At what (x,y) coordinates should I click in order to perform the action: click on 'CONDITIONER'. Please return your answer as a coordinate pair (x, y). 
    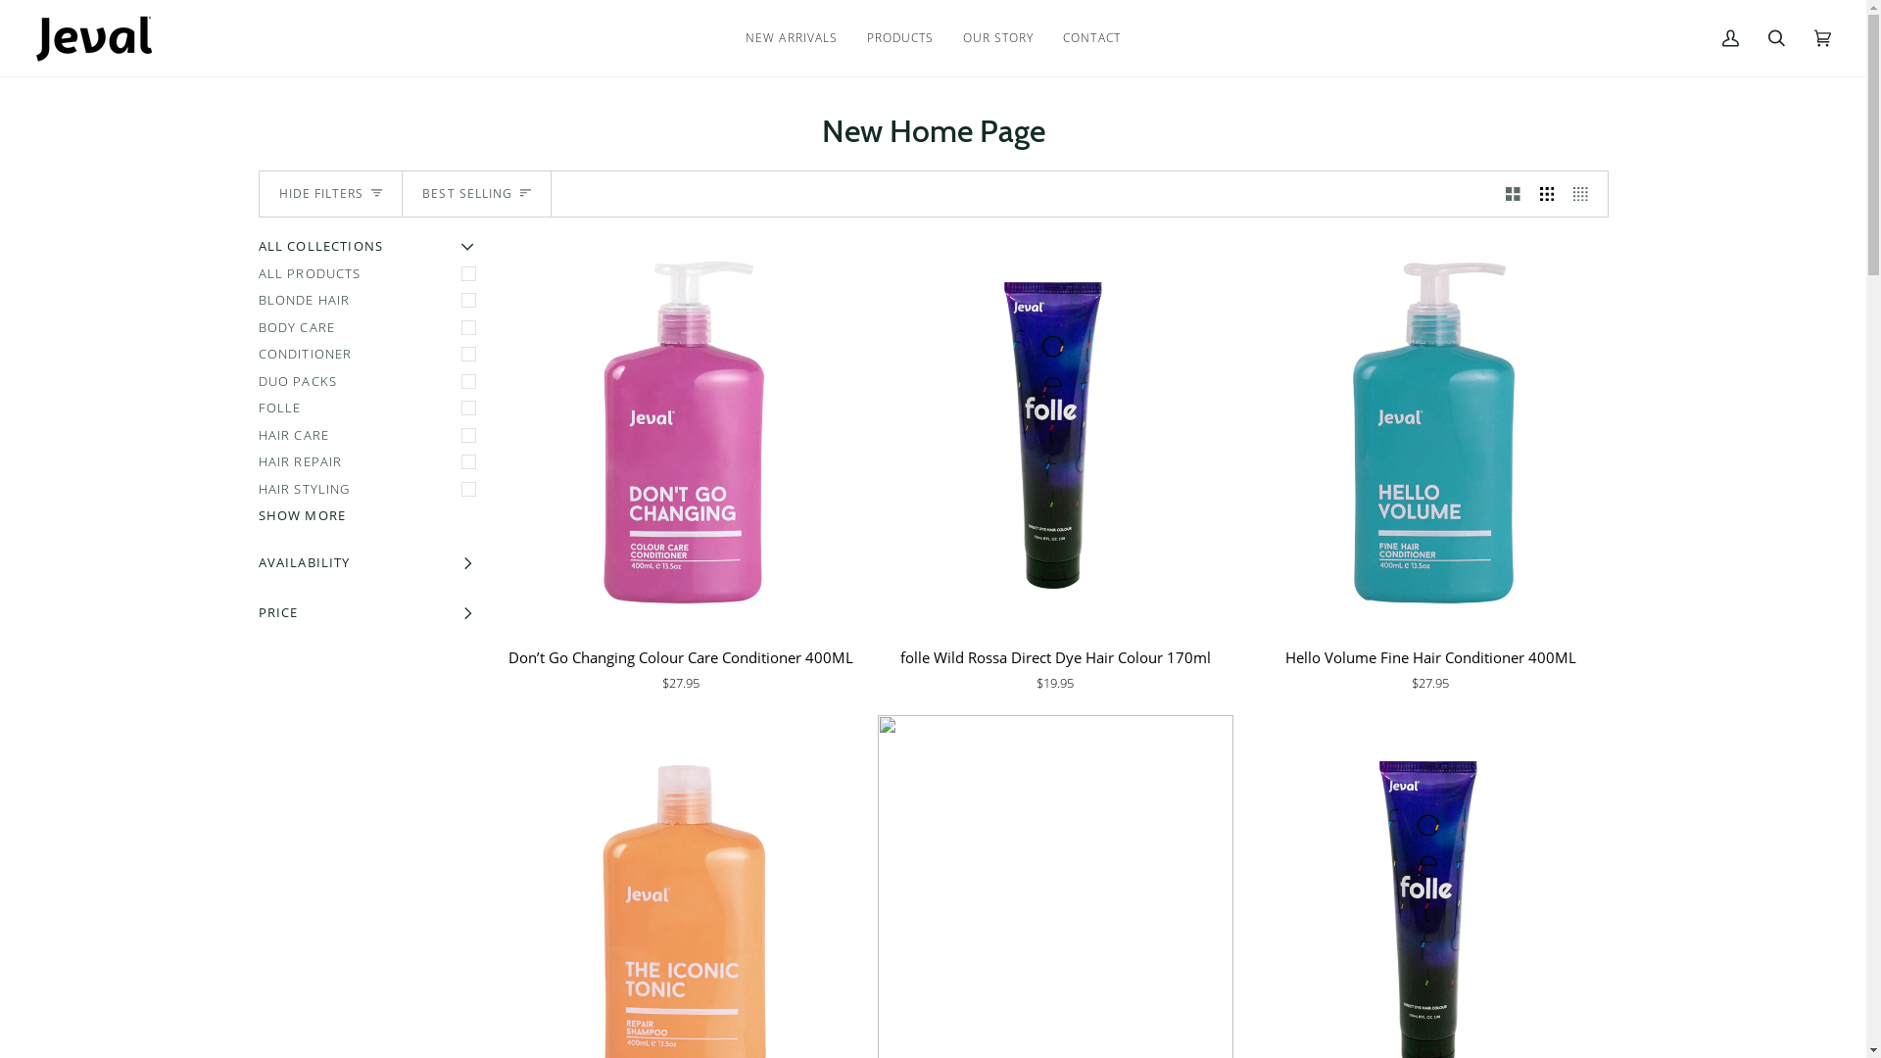
    Looking at the image, I should click on (371, 355).